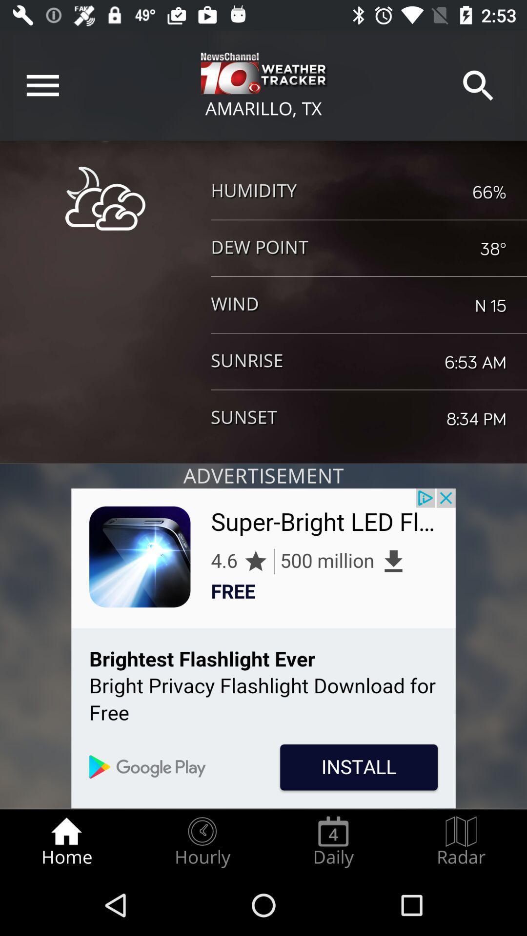 The width and height of the screenshot is (527, 936). What do you see at coordinates (333, 841) in the screenshot?
I see `item next to radar icon` at bounding box center [333, 841].